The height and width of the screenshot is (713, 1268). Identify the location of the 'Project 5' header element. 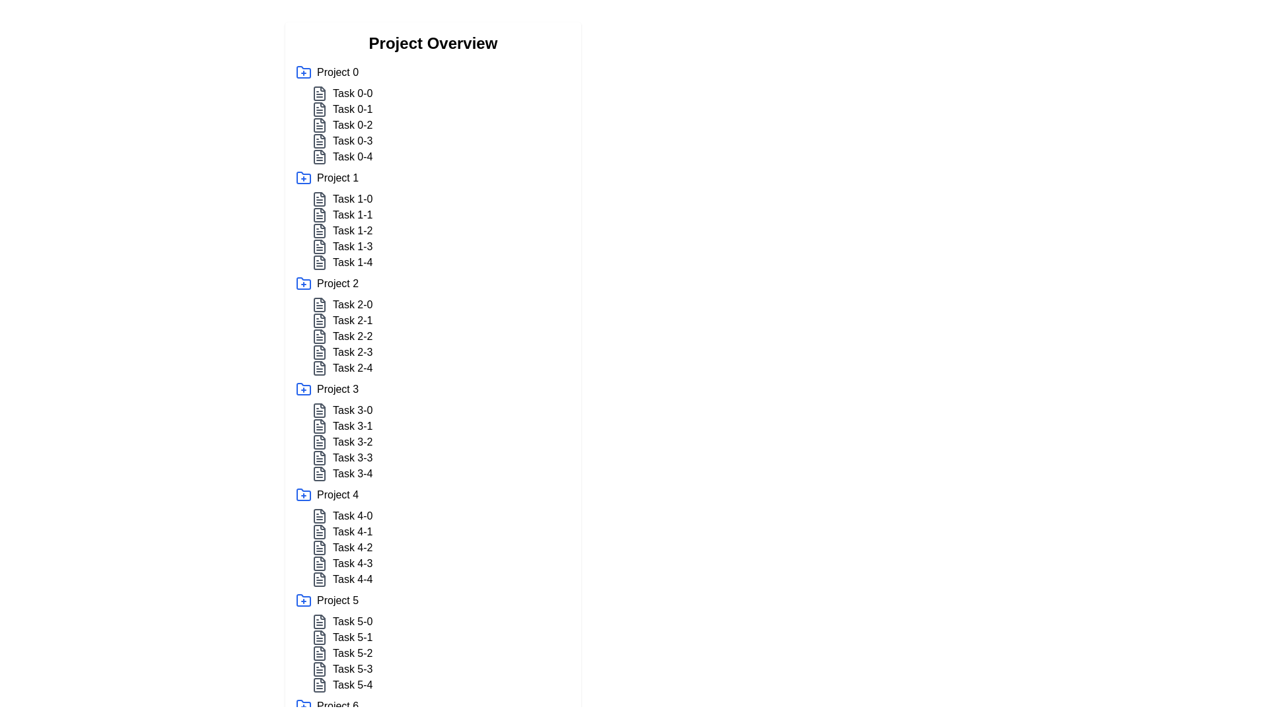
(433, 601).